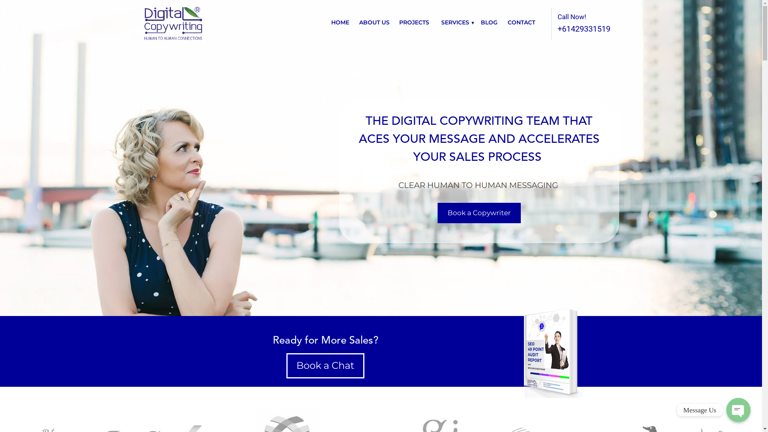 The image size is (768, 432). What do you see at coordinates (399, 22) in the screenshot?
I see `'PROJECTS'` at bounding box center [399, 22].